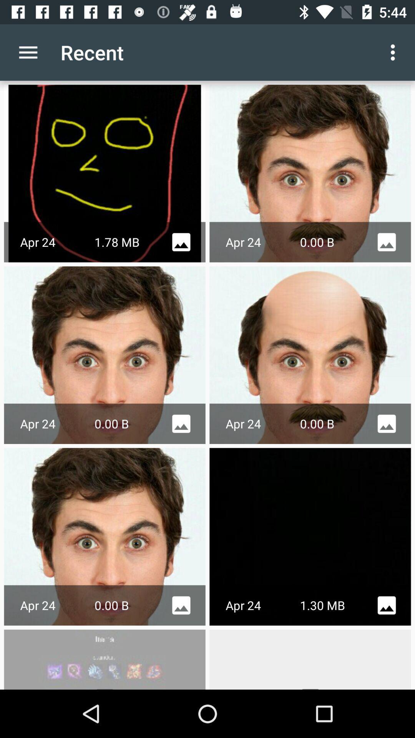  Describe the element at coordinates (28, 52) in the screenshot. I see `app to the left of the recent item` at that location.